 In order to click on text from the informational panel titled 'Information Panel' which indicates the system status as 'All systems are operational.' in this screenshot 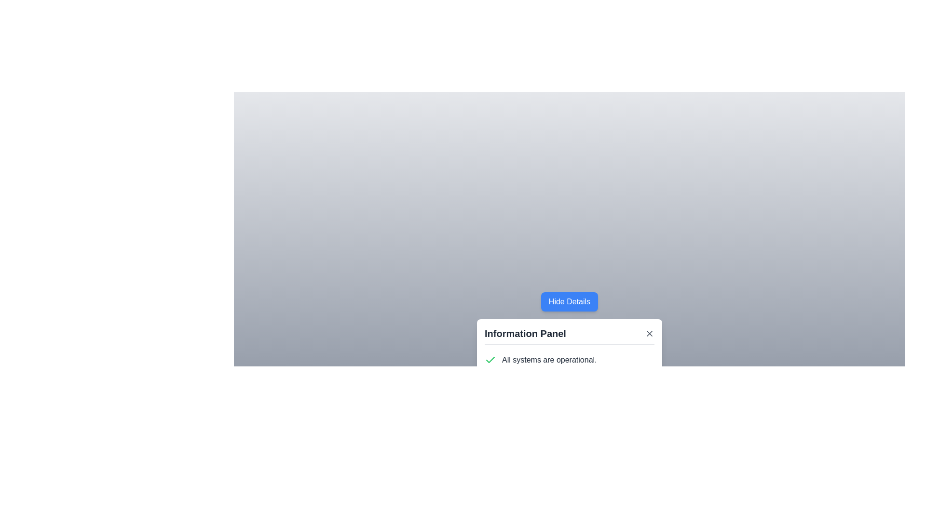, I will do `click(569, 365)`.